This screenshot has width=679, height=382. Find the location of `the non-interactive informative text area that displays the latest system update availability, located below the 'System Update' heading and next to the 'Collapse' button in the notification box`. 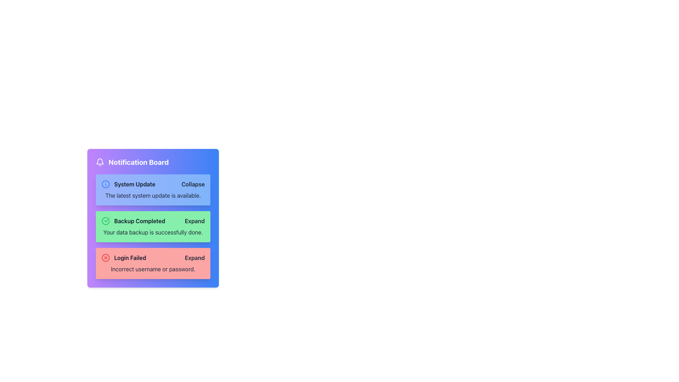

the non-interactive informative text area that displays the latest system update availability, located below the 'System Update' heading and next to the 'Collapse' button in the notification box is located at coordinates (152, 195).